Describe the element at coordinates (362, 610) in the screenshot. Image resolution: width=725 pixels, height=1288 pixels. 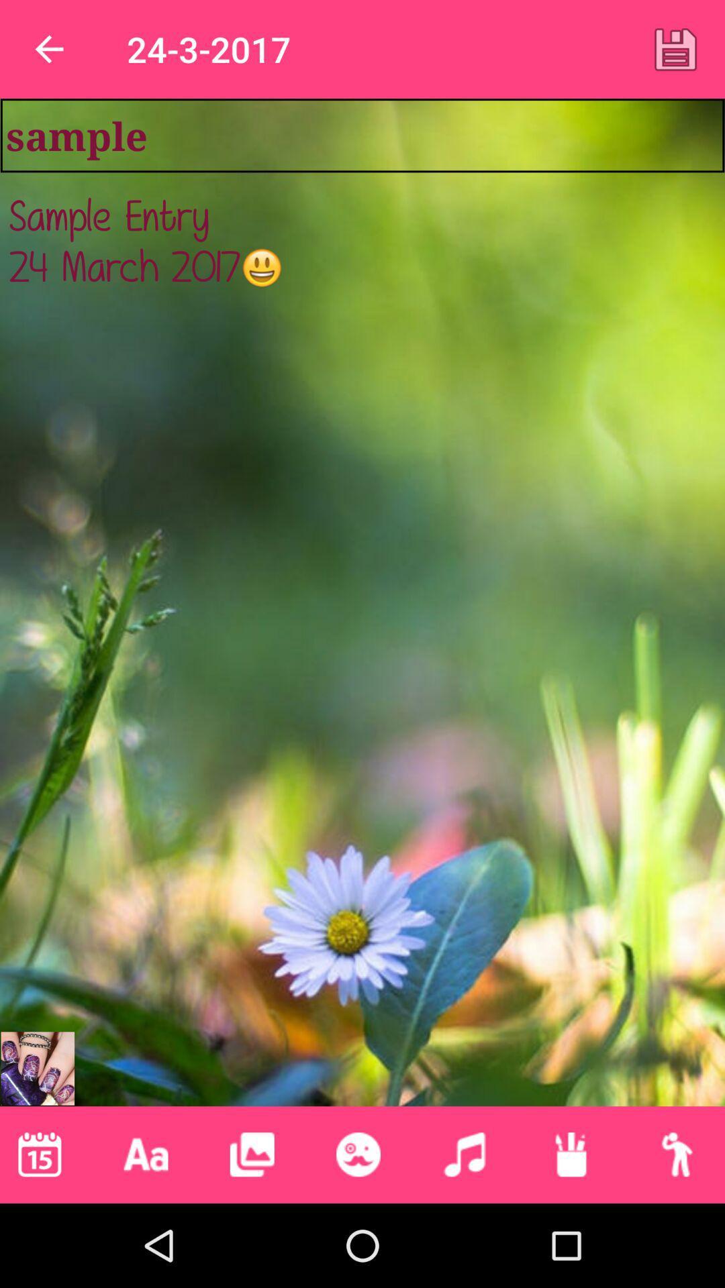
I see `the sample entry 24` at that location.